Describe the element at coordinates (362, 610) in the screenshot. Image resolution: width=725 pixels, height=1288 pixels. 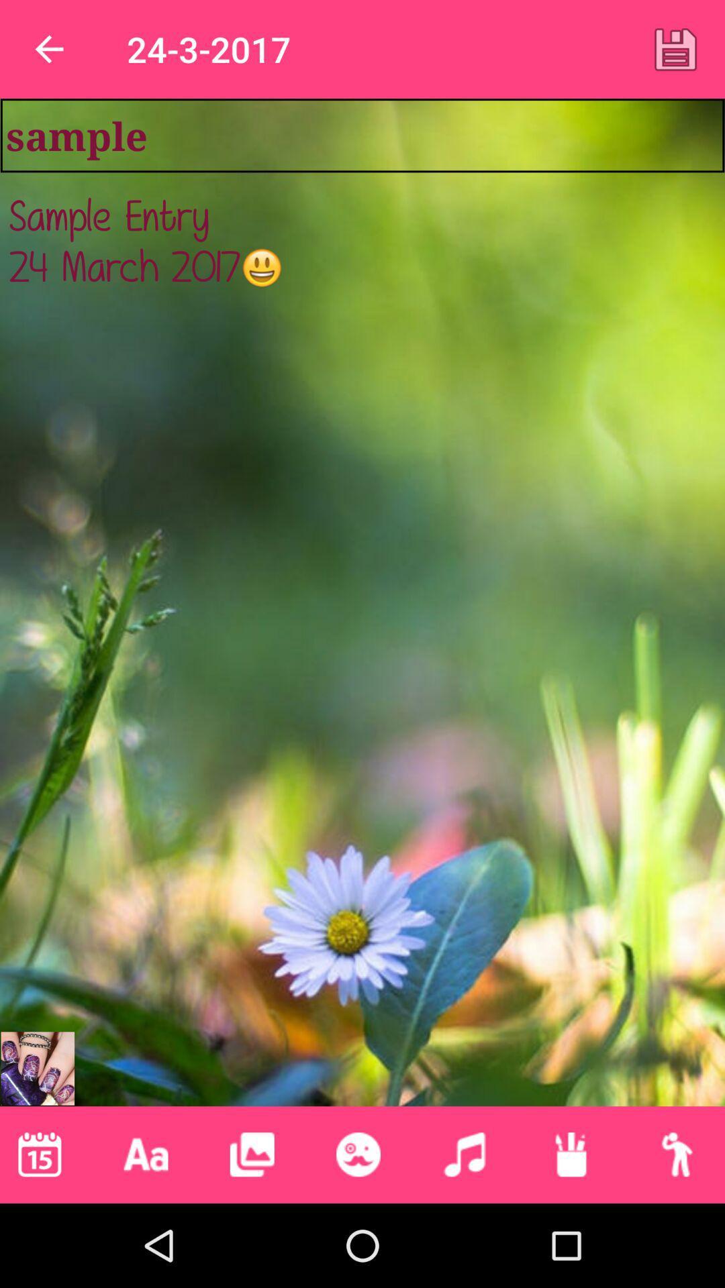
I see `the sample entry 24` at that location.